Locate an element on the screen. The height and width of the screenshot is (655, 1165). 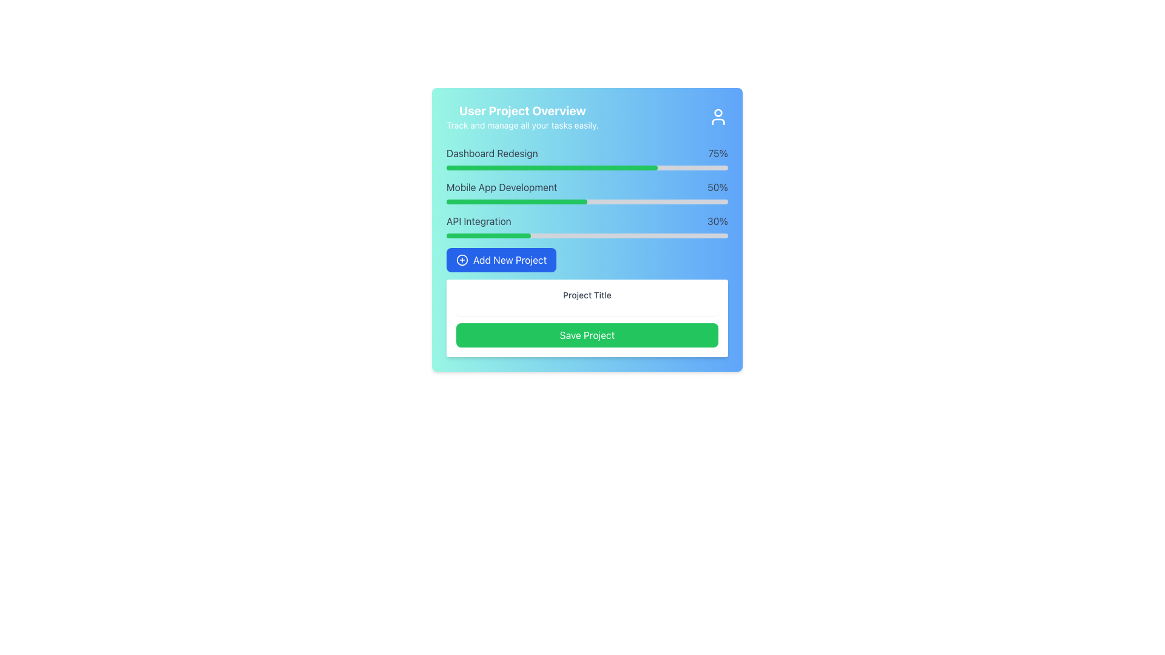
the progress bar indicating the completion percentage for the 'Dashboard Redesign' task, which is the first entry in the vertical list under 'User Project Overview' is located at coordinates (587, 158).